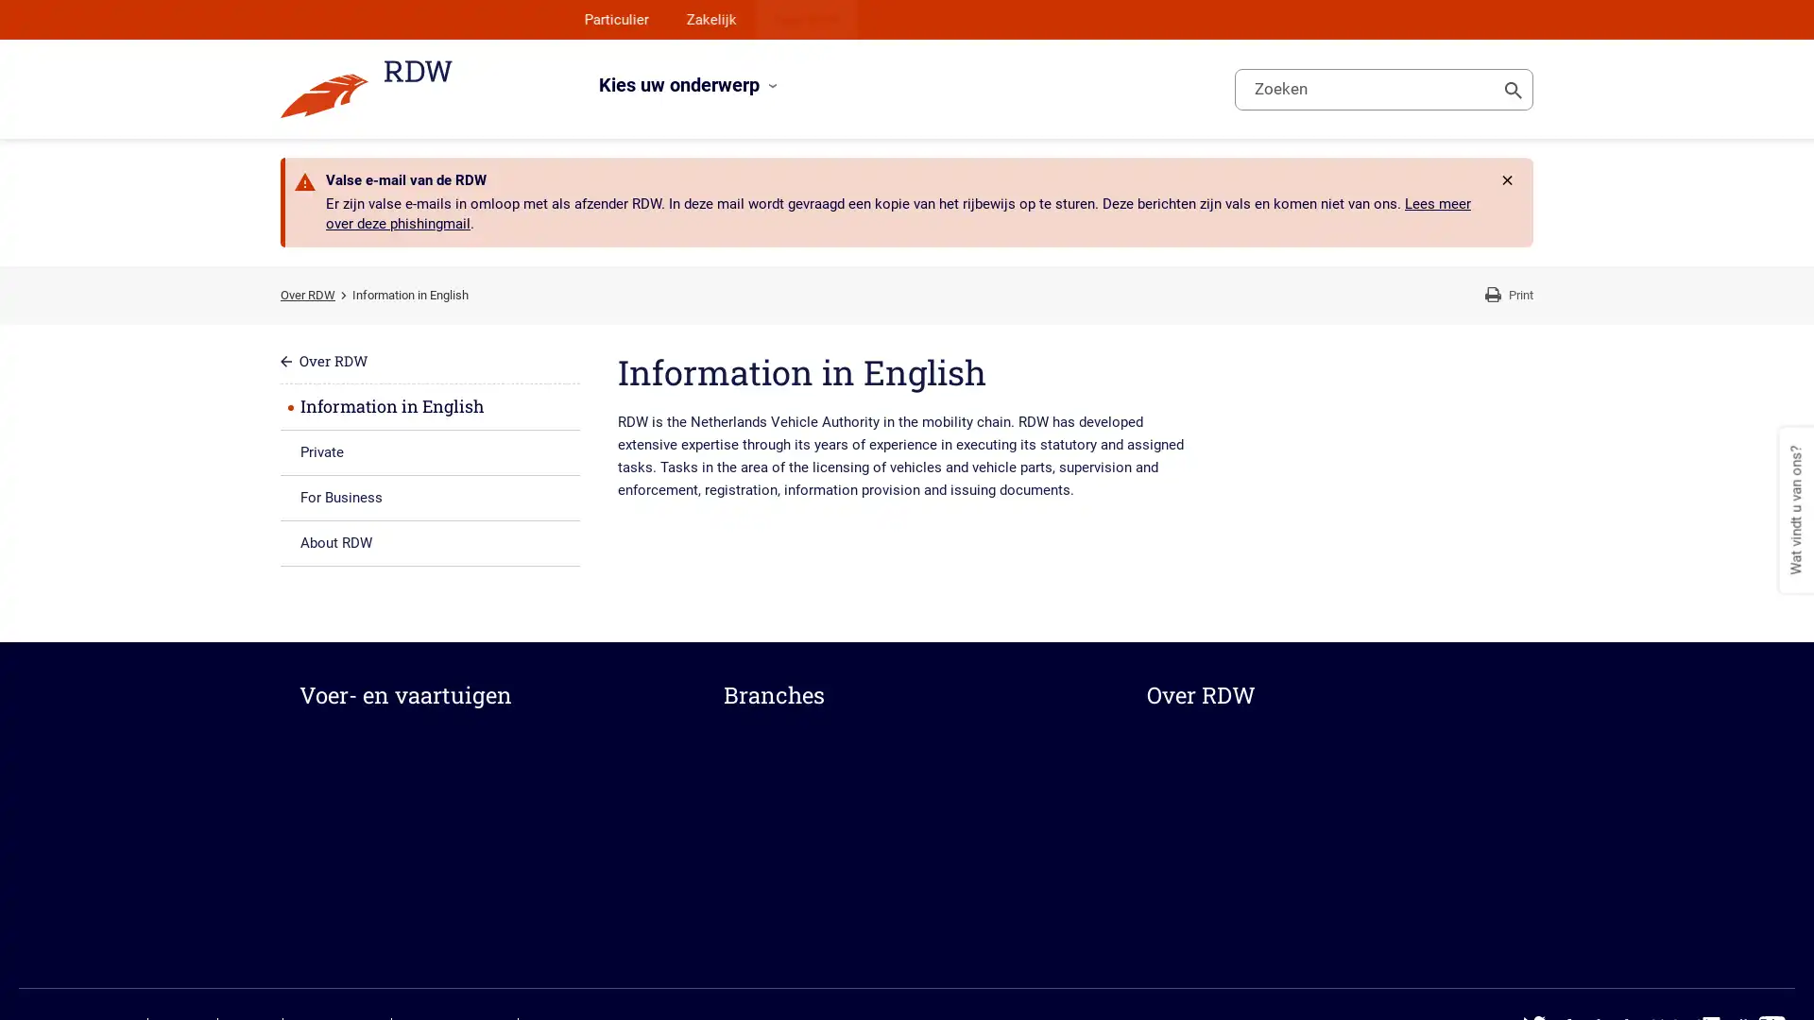 The image size is (1814, 1020). Describe the element at coordinates (1508, 295) in the screenshot. I see `Print` at that location.